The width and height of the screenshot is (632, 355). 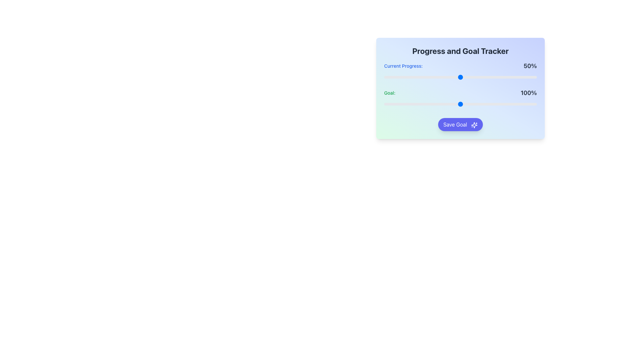 What do you see at coordinates (528, 104) in the screenshot?
I see `the slider value` at bounding box center [528, 104].